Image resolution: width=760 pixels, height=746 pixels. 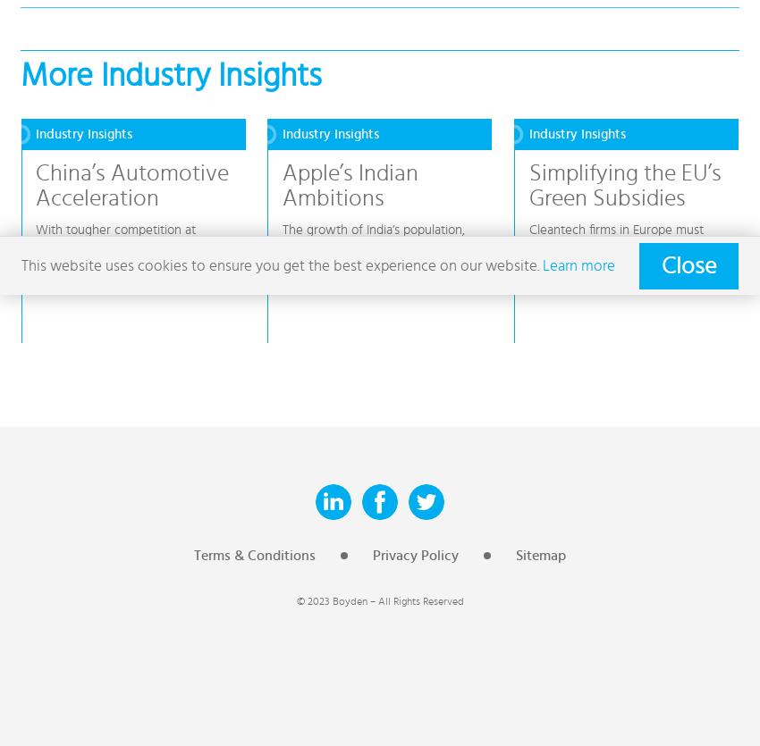 I want to click on 'Sitemap', so click(x=540, y=554).